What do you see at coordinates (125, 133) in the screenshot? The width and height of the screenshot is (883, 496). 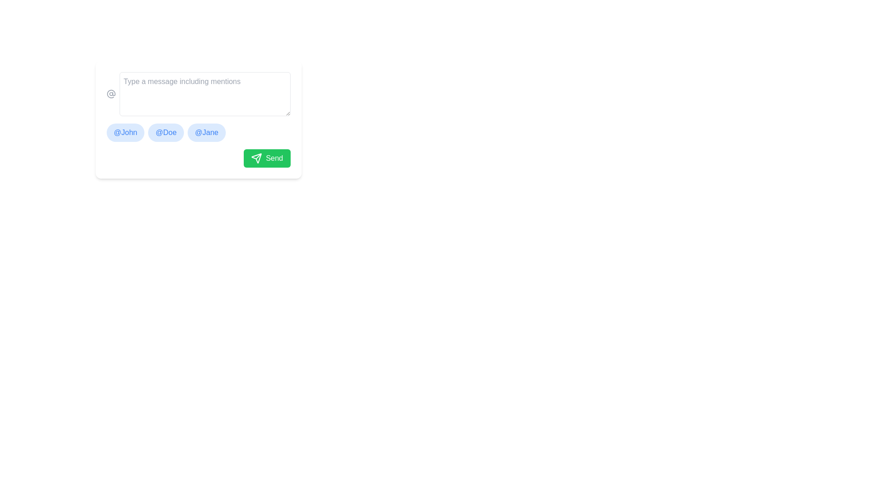 I see `the rounded button labeled '@John' with bold blue text and a light blue background for accessibility navigation` at bounding box center [125, 133].